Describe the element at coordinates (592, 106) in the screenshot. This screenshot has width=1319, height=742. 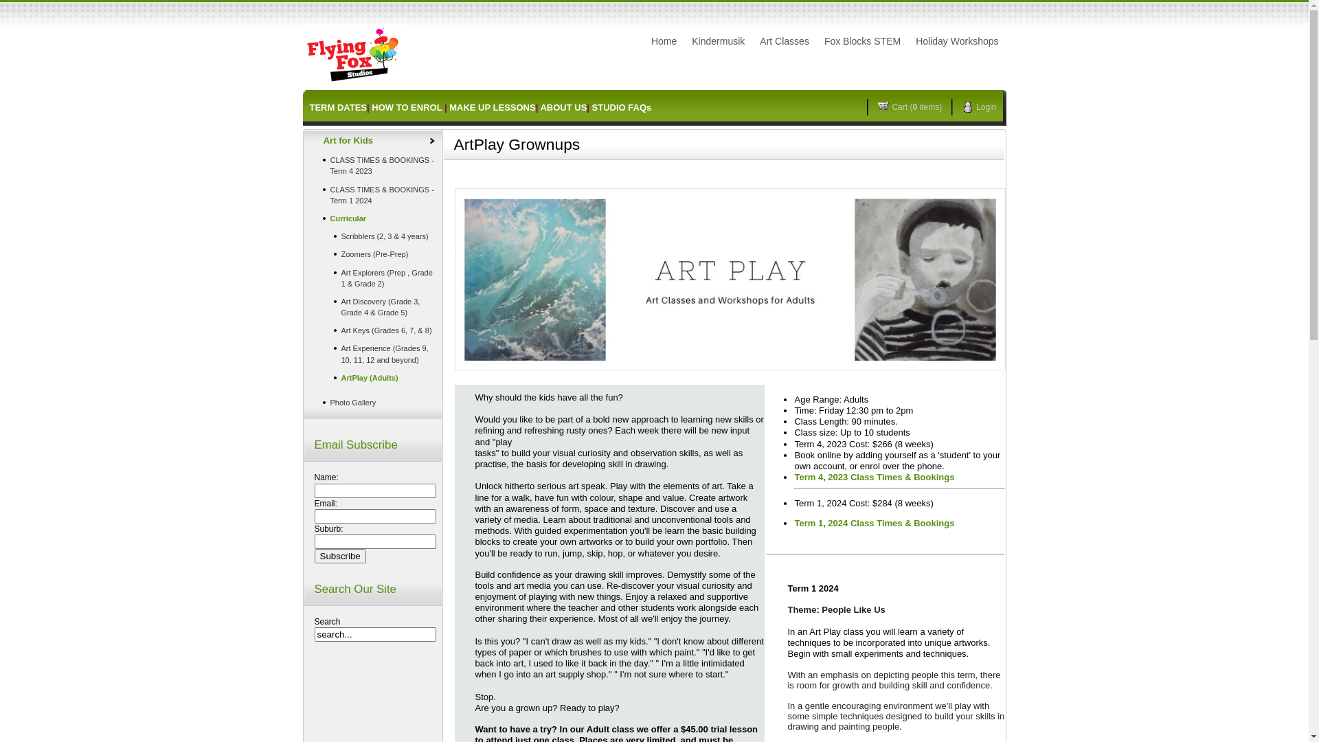
I see `'STUDIO FAQs'` at that location.